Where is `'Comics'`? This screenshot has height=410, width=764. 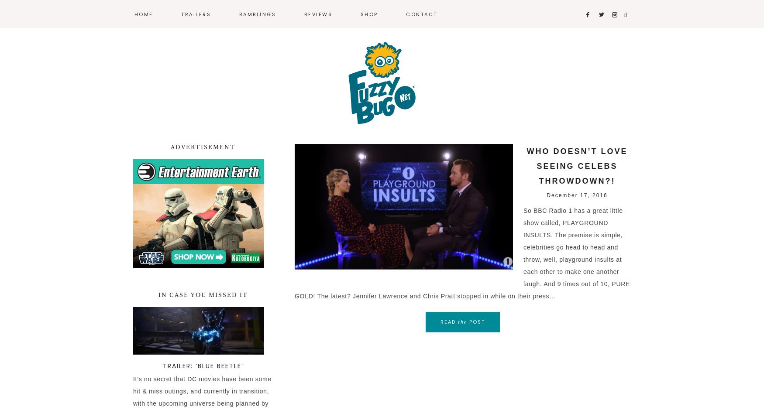
'Comics' is located at coordinates (248, 59).